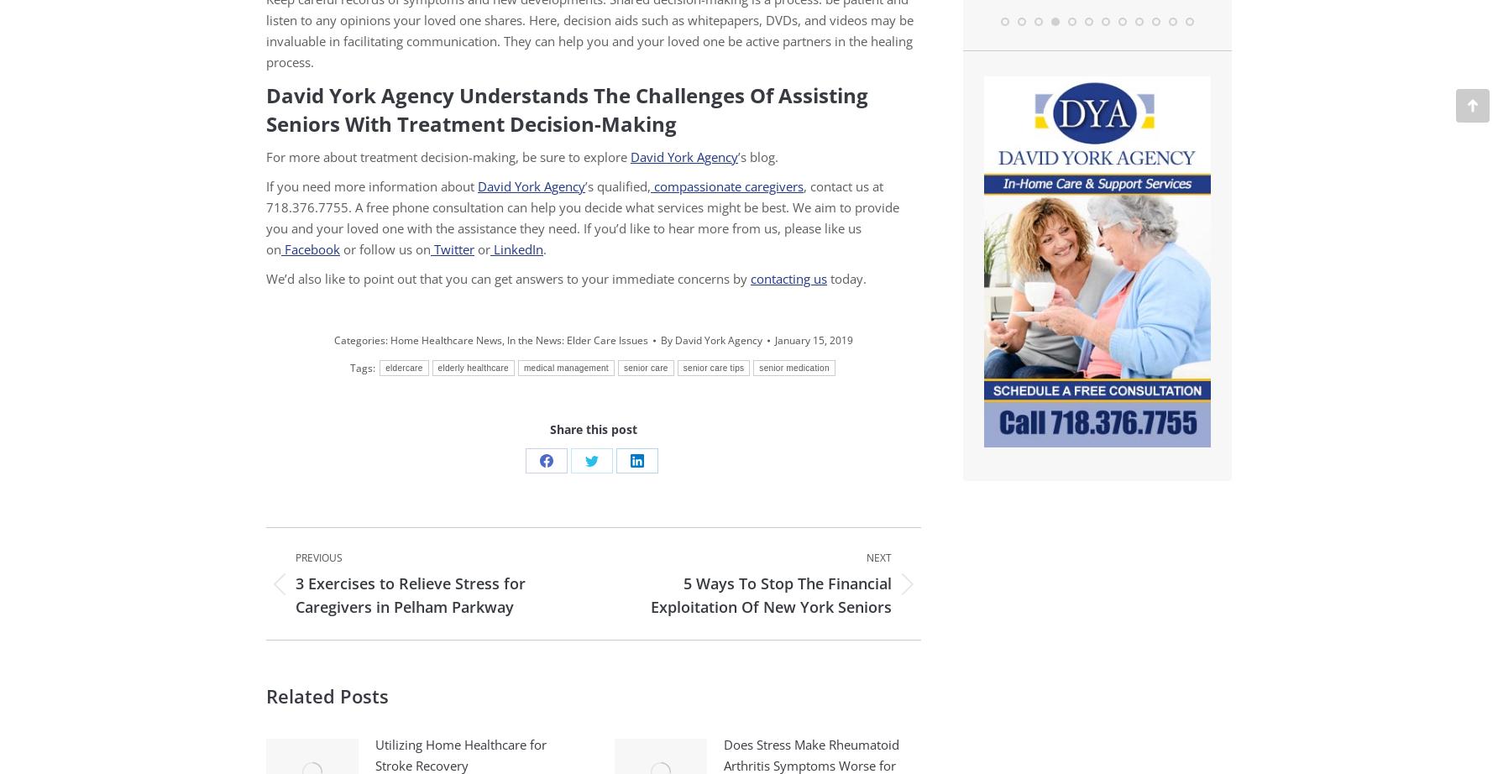 The height and width of the screenshot is (774, 1498). Describe the element at coordinates (385, 248) in the screenshot. I see `'or follow us on'` at that location.